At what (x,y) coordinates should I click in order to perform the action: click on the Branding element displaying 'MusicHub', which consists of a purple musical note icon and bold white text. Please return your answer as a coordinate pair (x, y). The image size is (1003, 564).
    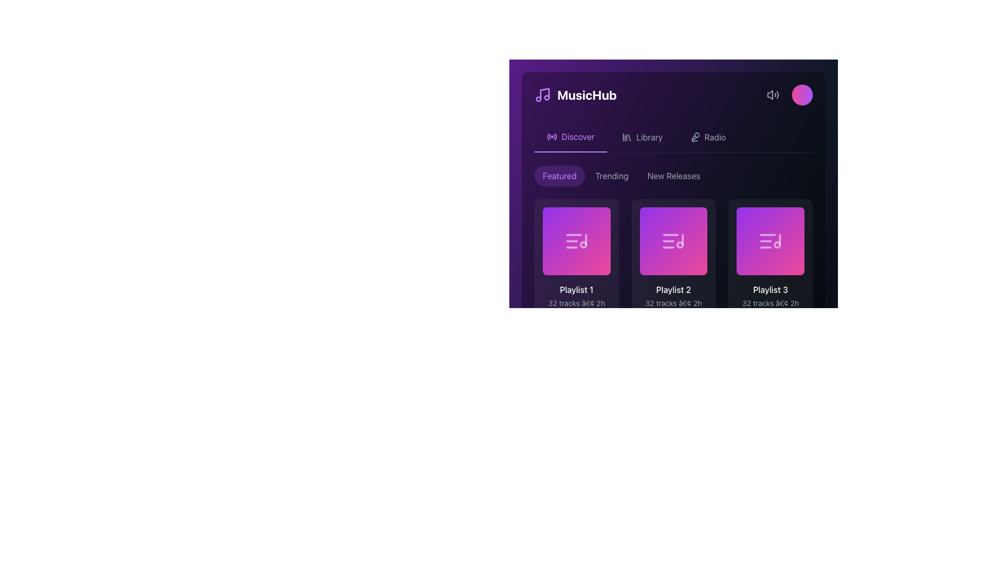
    Looking at the image, I should click on (575, 95).